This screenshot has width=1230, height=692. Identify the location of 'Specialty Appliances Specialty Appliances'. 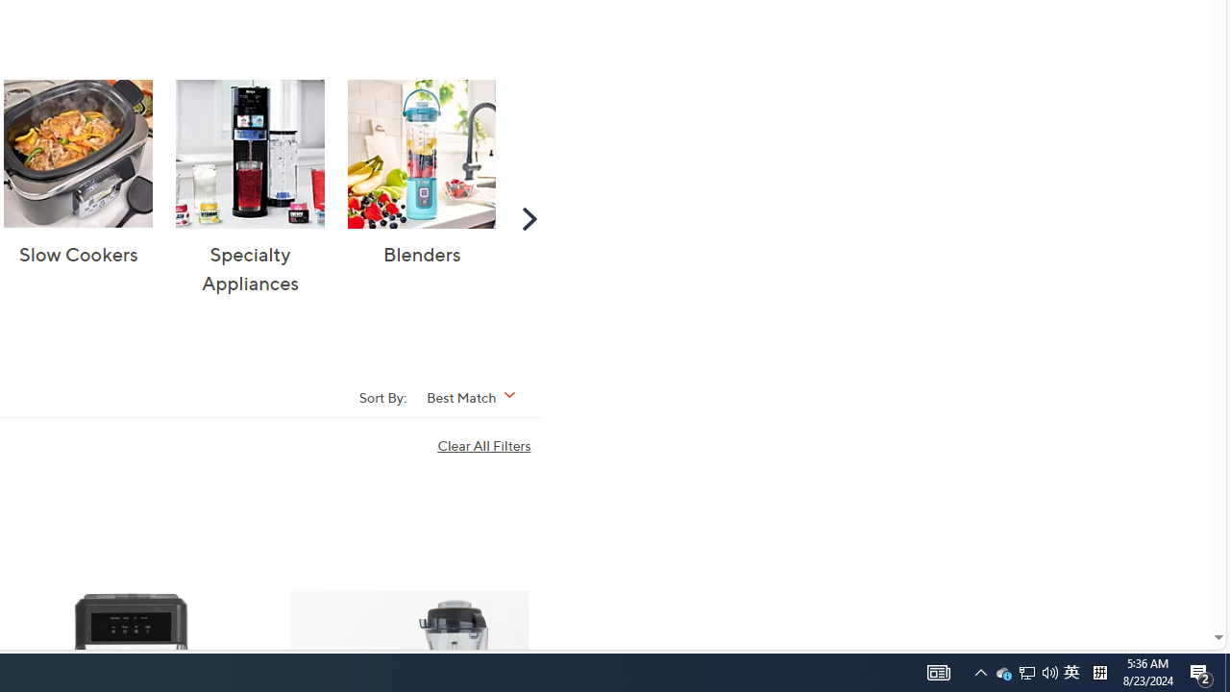
(249, 188).